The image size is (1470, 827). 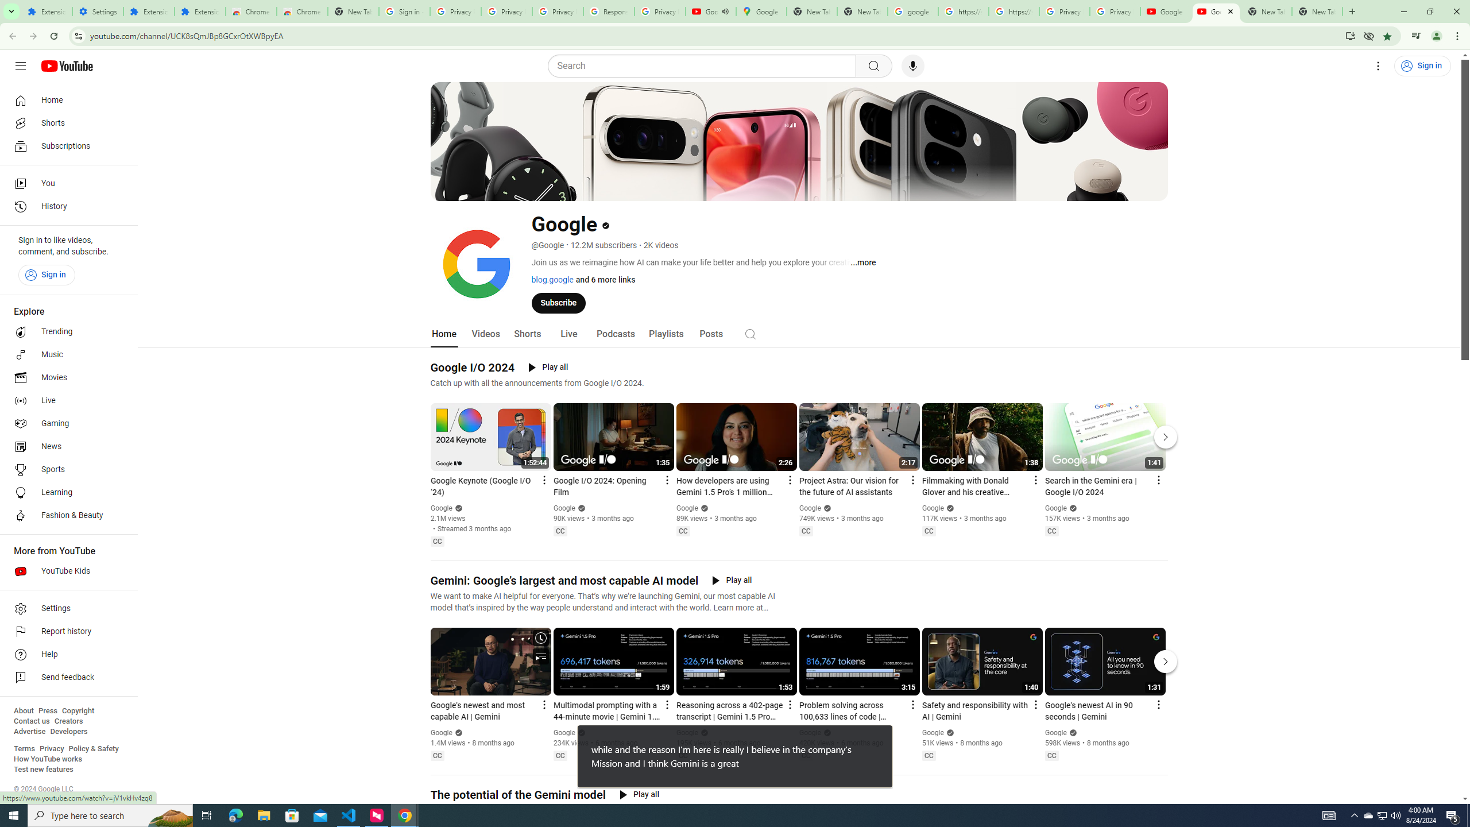 I want to click on 'Install YouTube', so click(x=1350, y=35).